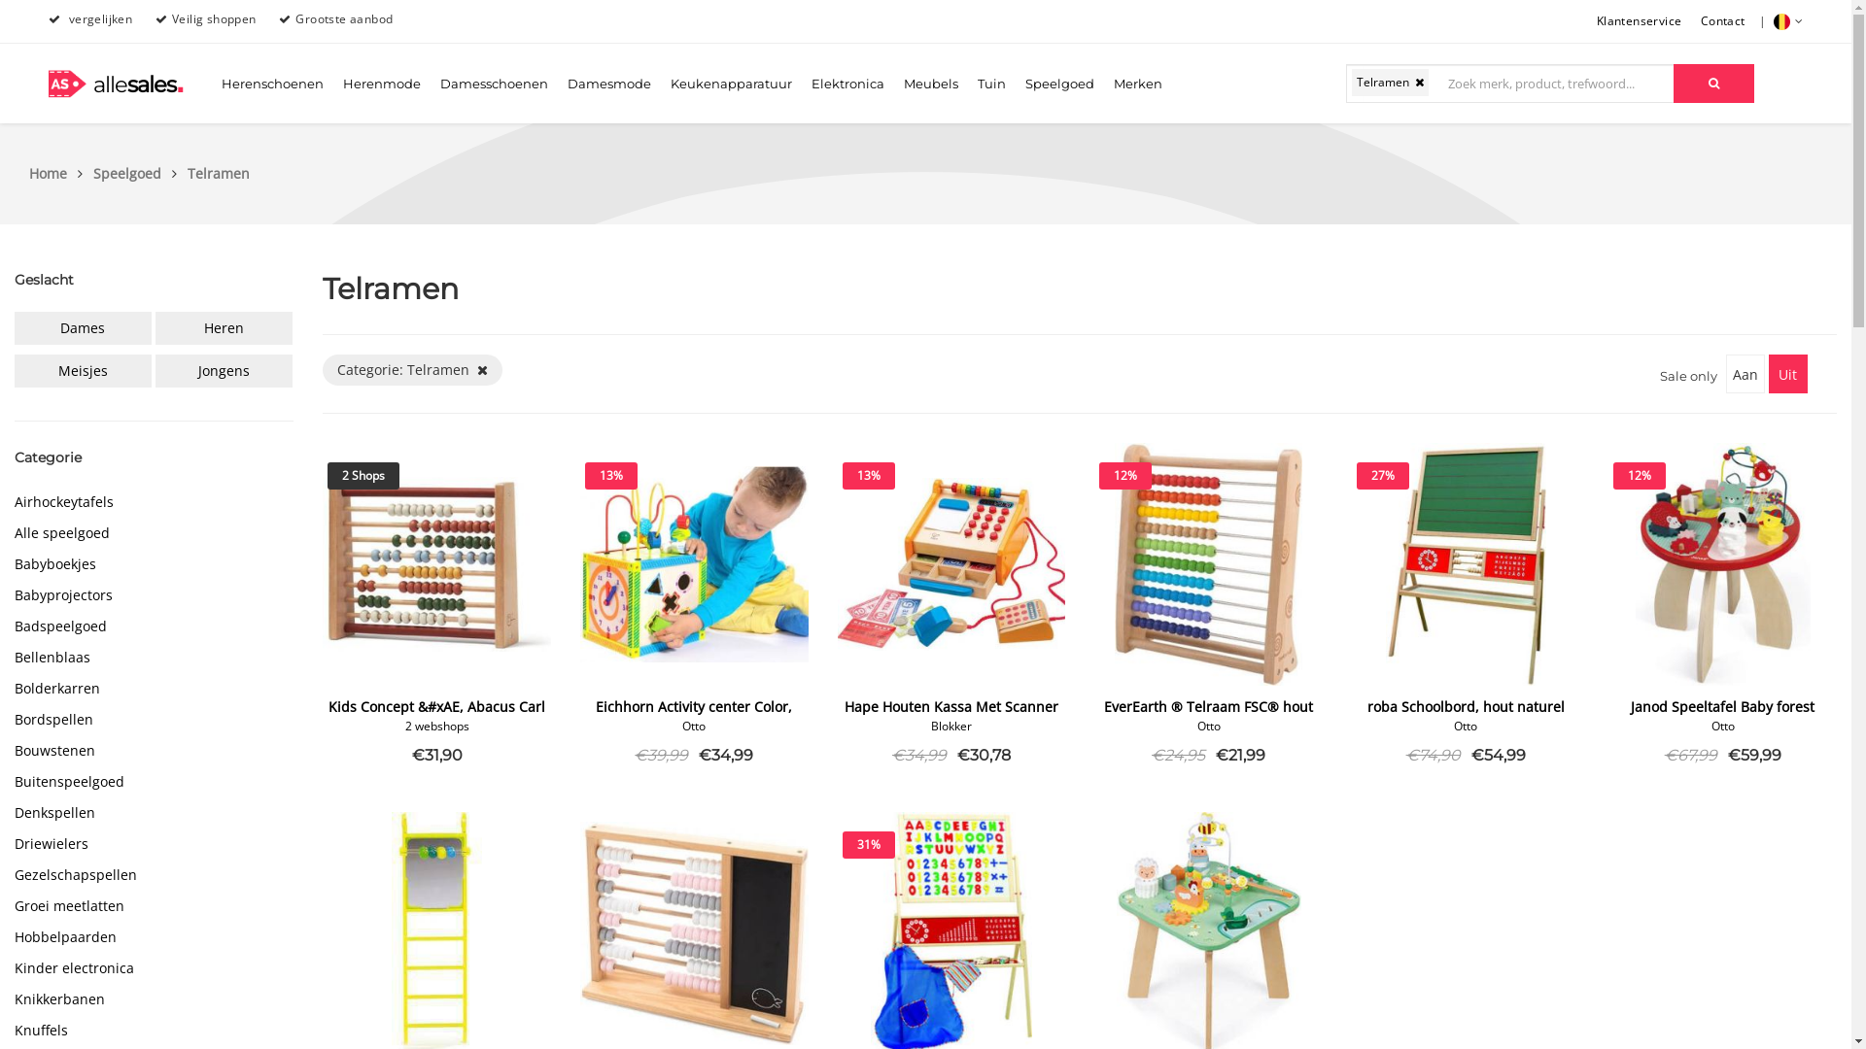  Describe the element at coordinates (847, 82) in the screenshot. I see `'Elektronica'` at that location.